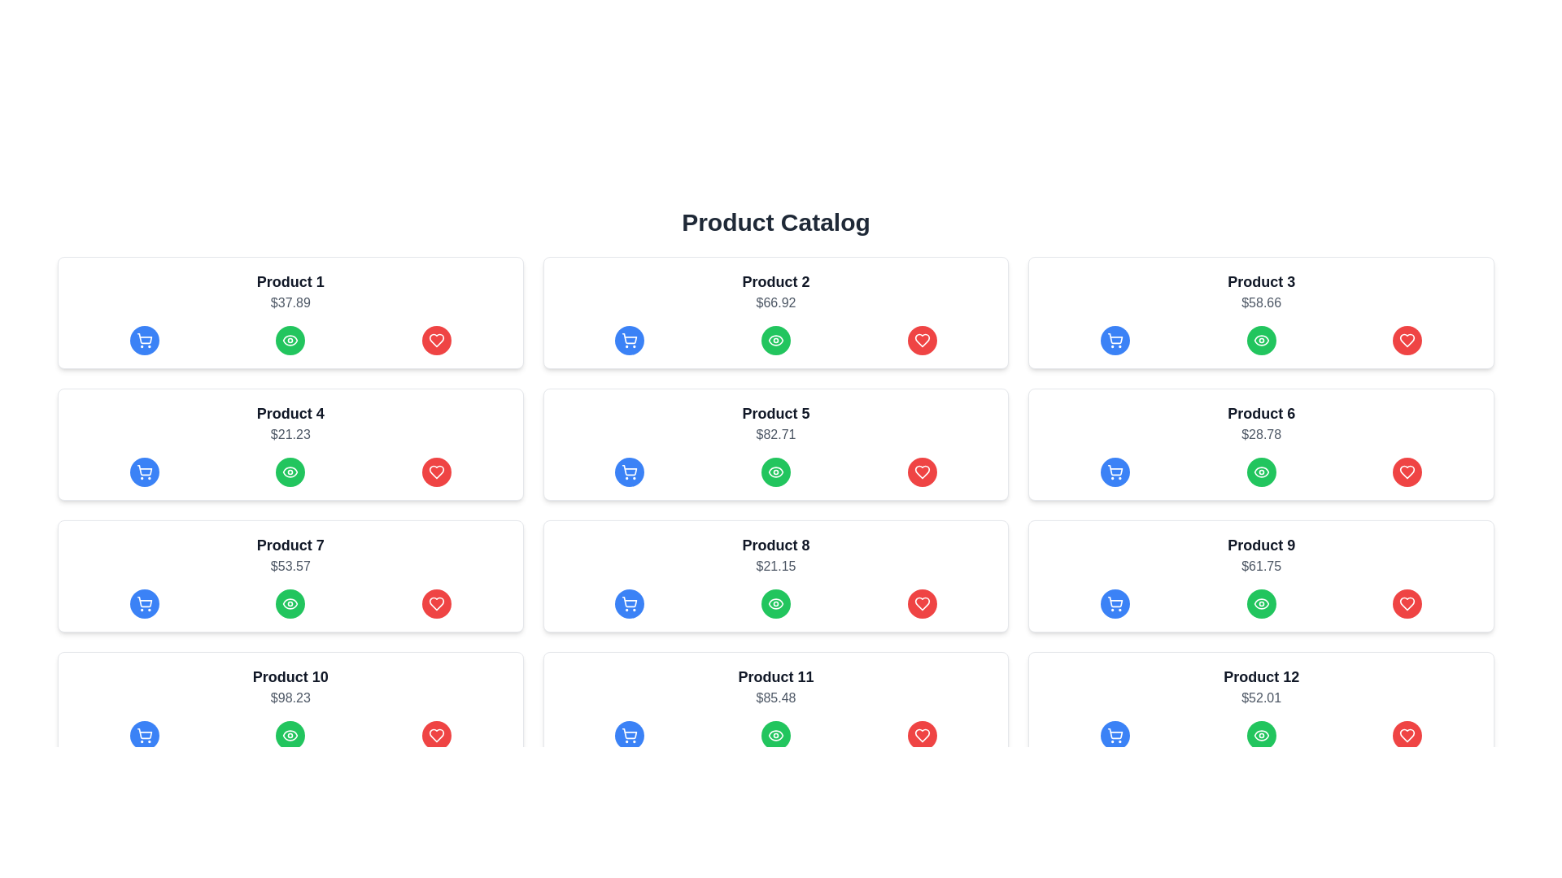 The image size is (1562, 878). I want to click on the circular green button with a white border featuring an eye icon for 'Product 12', so click(1260, 736).